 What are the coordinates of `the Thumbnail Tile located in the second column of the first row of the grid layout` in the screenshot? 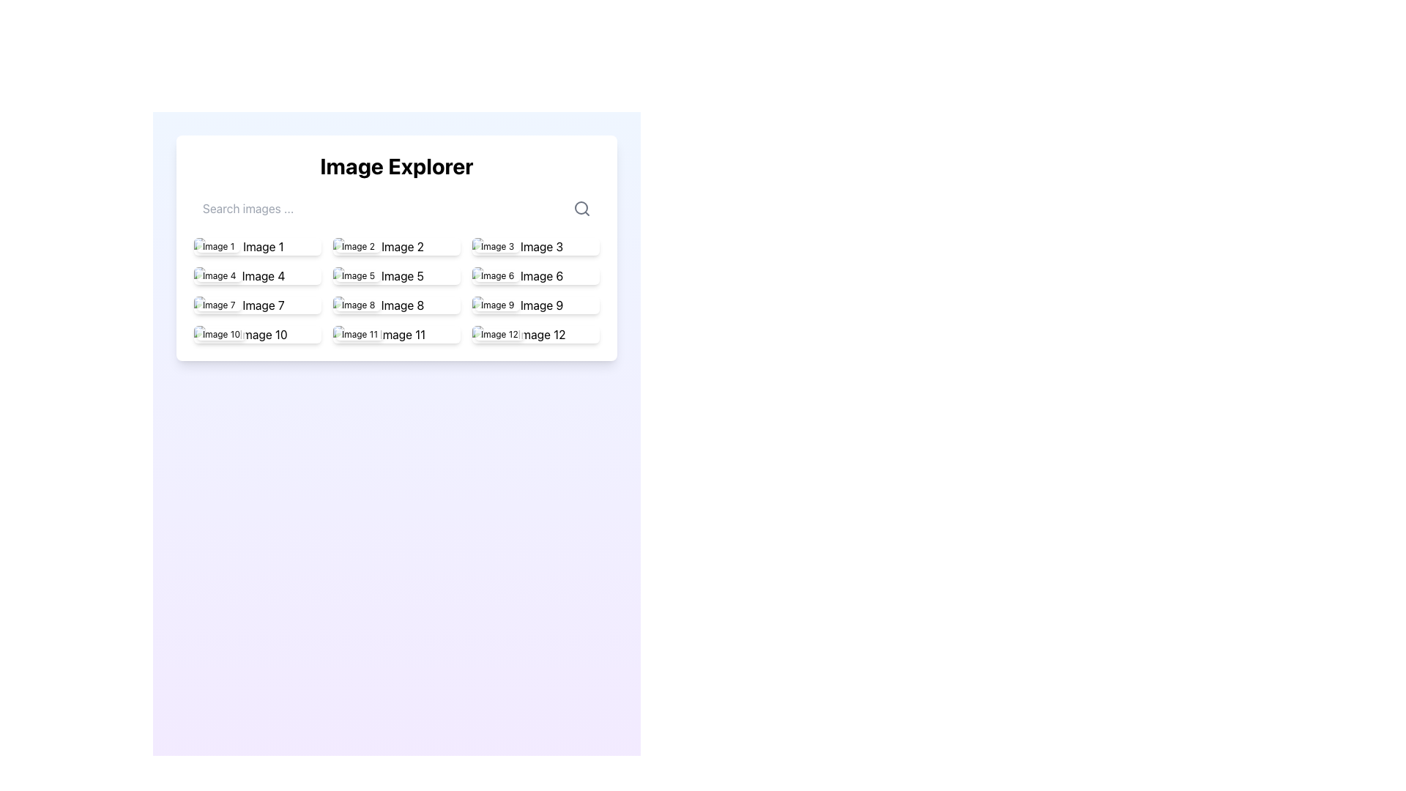 It's located at (397, 245).